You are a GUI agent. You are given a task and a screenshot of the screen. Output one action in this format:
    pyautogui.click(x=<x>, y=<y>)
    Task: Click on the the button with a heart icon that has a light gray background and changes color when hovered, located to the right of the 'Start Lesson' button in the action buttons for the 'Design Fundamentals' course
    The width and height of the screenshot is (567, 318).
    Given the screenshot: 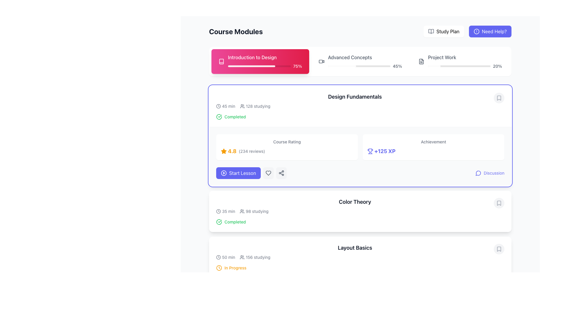 What is the action you would take?
    pyautogui.click(x=268, y=173)
    